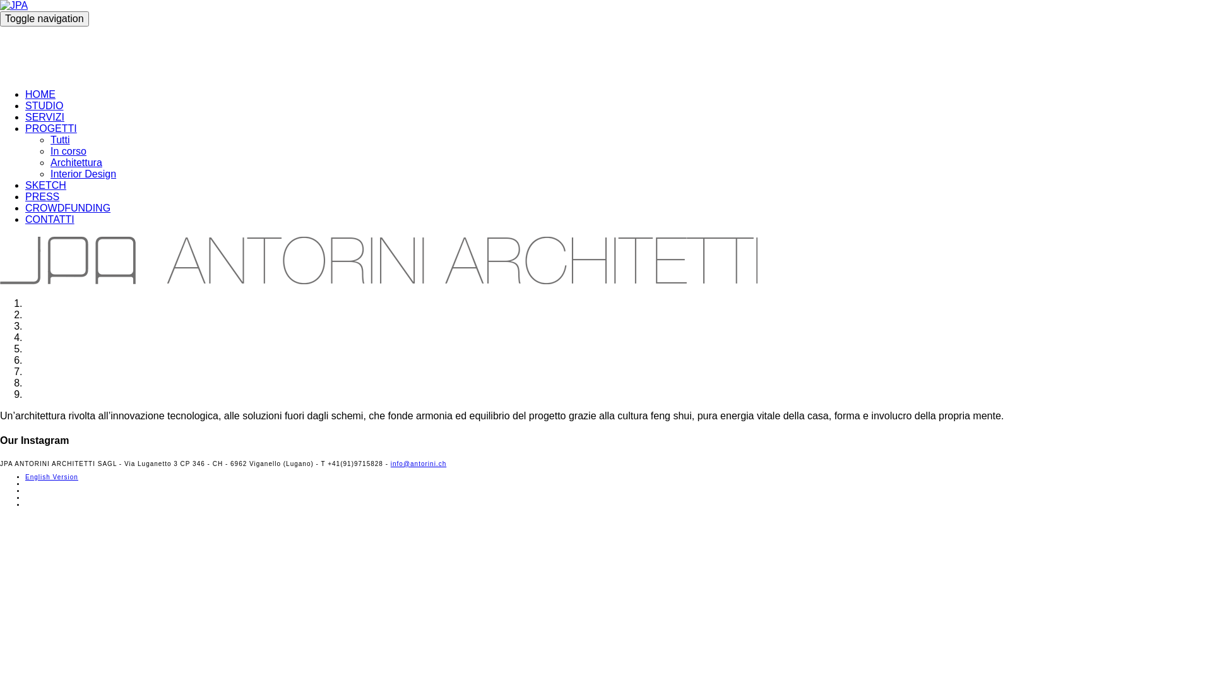  I want to click on 'JPA', so click(378, 51).